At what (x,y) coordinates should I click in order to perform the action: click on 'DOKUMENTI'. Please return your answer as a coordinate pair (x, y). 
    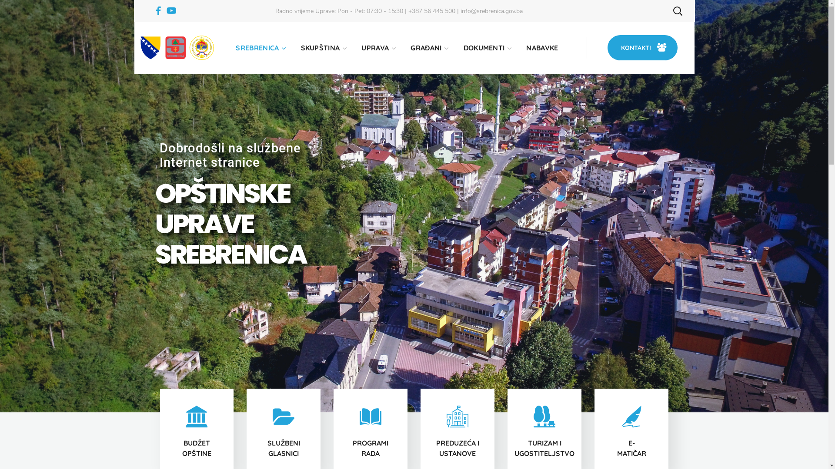
    Looking at the image, I should click on (487, 48).